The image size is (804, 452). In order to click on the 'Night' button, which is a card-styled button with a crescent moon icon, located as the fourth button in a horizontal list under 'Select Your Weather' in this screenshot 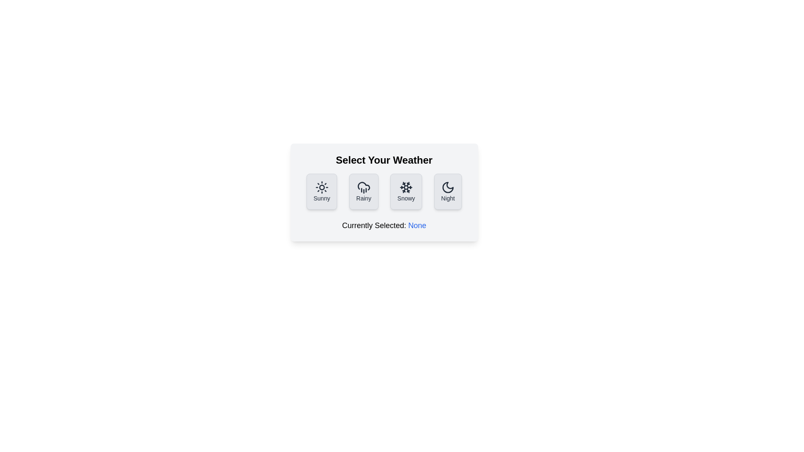, I will do `click(447, 192)`.